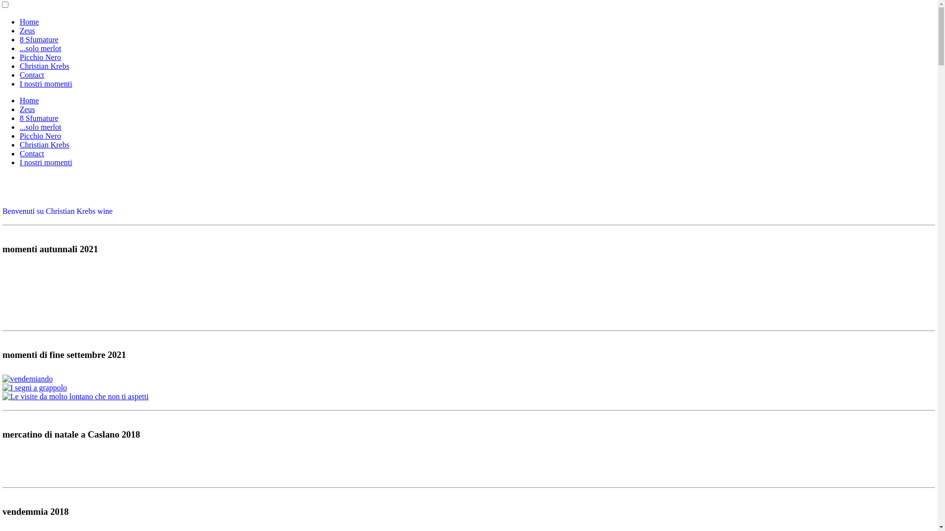 Image resolution: width=945 pixels, height=531 pixels. Describe the element at coordinates (39, 48) in the screenshot. I see `'...solo merlot'` at that location.